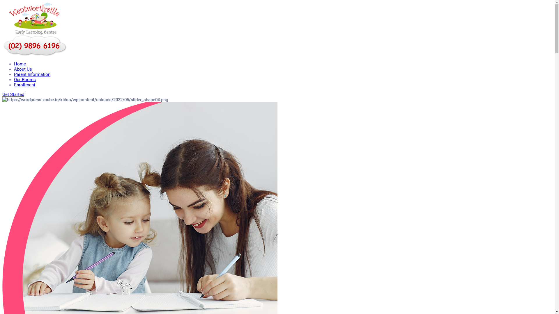  Describe the element at coordinates (24, 85) in the screenshot. I see `'Enrollment'` at that location.